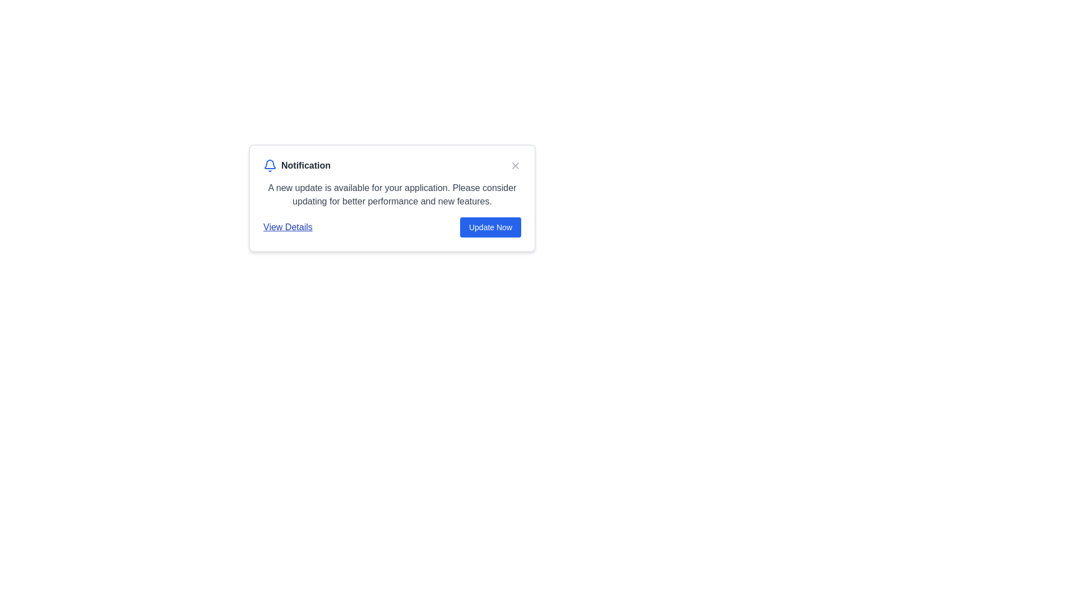  I want to click on the Text Label with Icon, which serves as an indicator for the notification section located in the top-left corner of the modal dialog box, so click(296, 166).